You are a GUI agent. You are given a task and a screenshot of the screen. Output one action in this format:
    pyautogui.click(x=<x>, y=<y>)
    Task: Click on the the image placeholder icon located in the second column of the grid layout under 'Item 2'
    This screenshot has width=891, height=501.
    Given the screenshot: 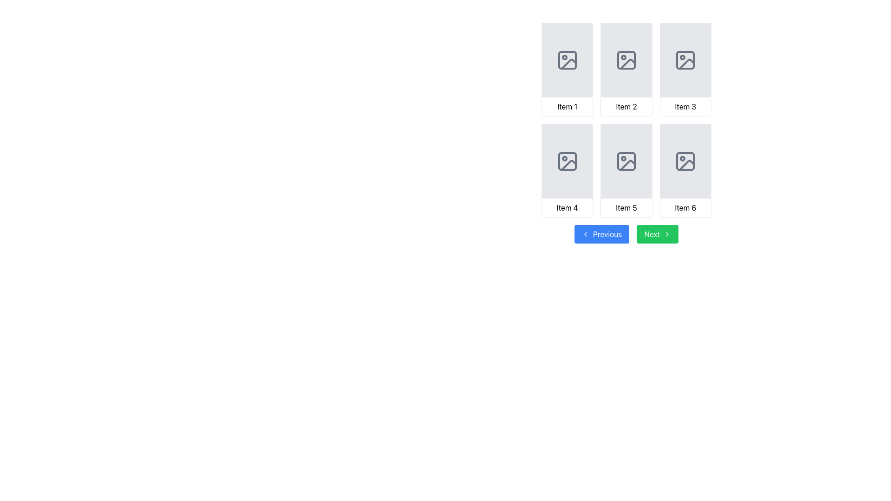 What is the action you would take?
    pyautogui.click(x=626, y=60)
    